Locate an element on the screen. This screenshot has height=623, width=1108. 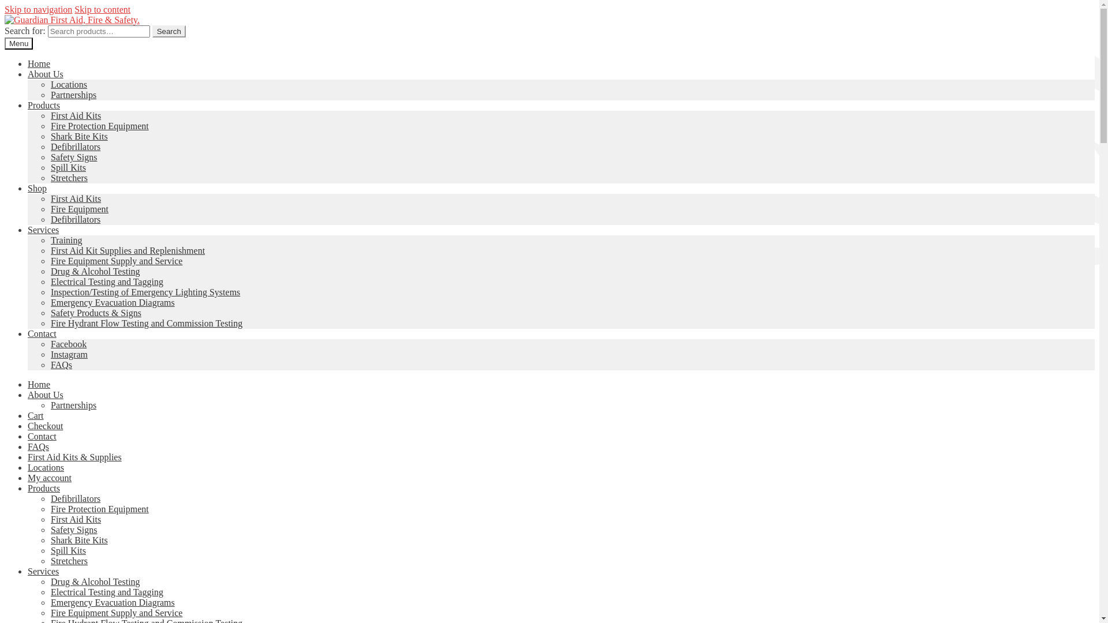
'Menu' is located at coordinates (18, 43).